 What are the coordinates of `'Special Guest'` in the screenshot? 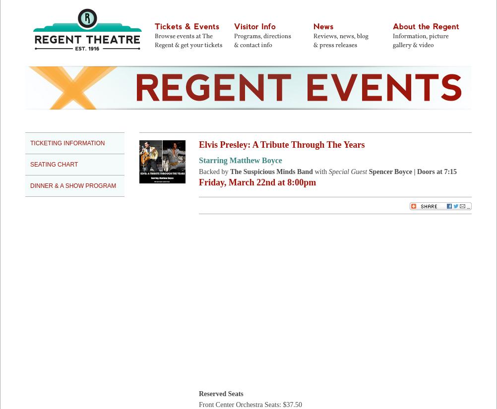 It's located at (328, 171).